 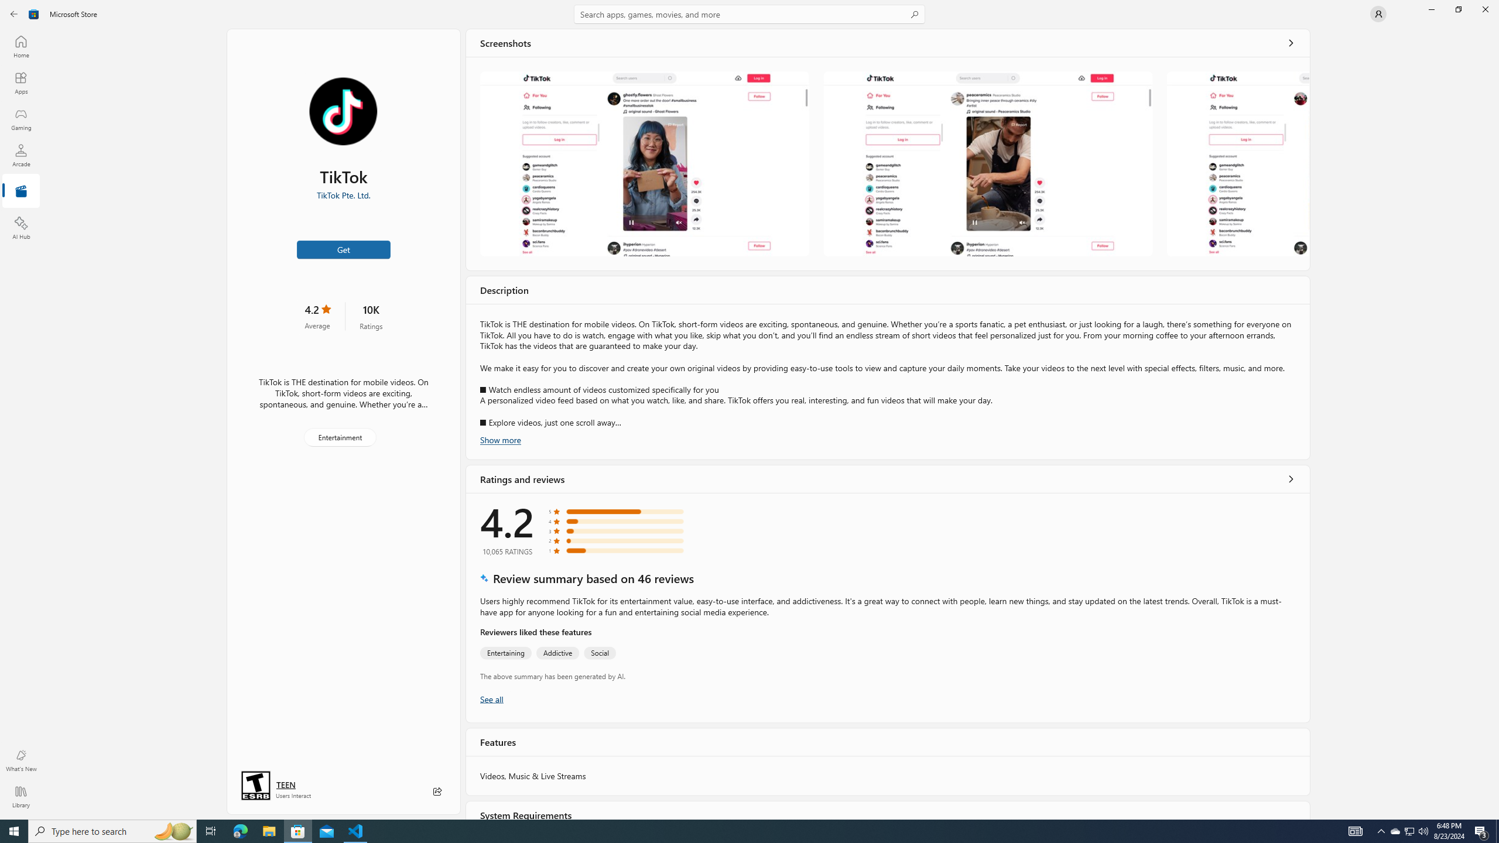 What do you see at coordinates (20, 796) in the screenshot?
I see `'Library'` at bounding box center [20, 796].